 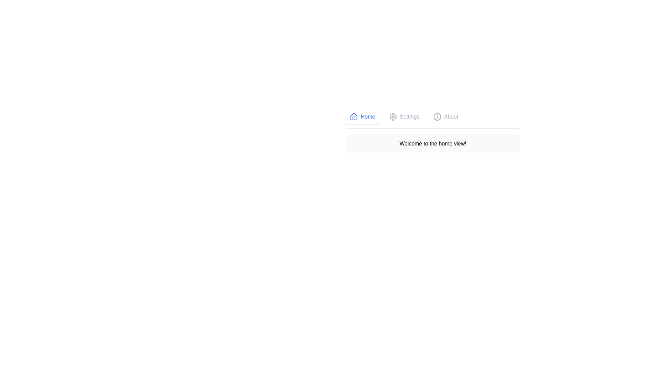 What do you see at coordinates (362, 117) in the screenshot?
I see `the Home tab by clicking on it` at bounding box center [362, 117].